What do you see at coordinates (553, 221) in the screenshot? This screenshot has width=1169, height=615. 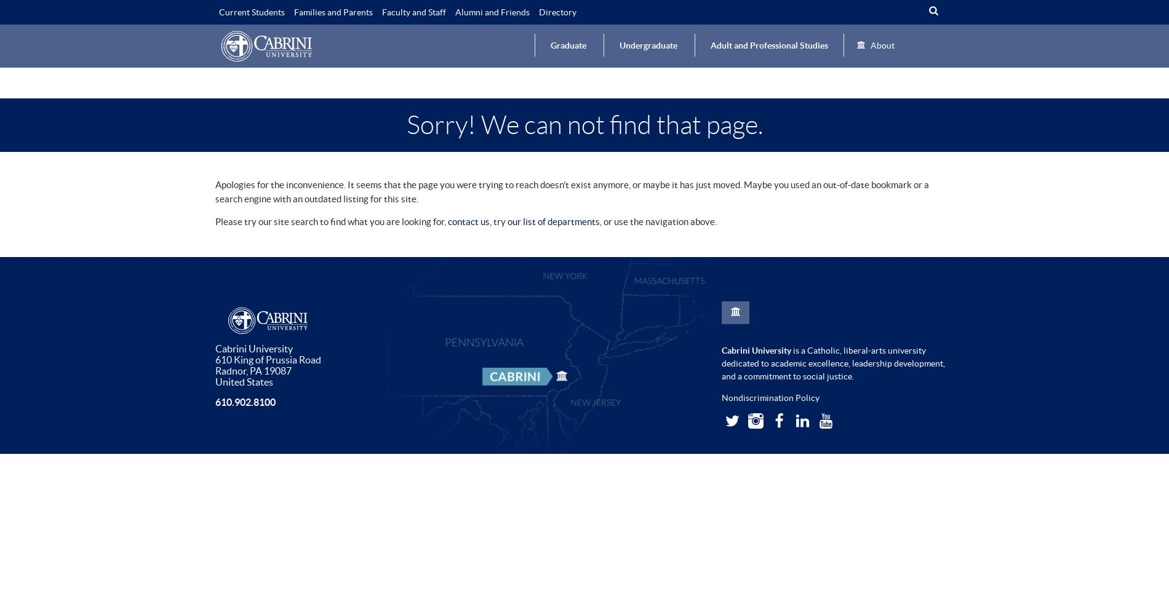 I see `'our list of departments'` at bounding box center [553, 221].